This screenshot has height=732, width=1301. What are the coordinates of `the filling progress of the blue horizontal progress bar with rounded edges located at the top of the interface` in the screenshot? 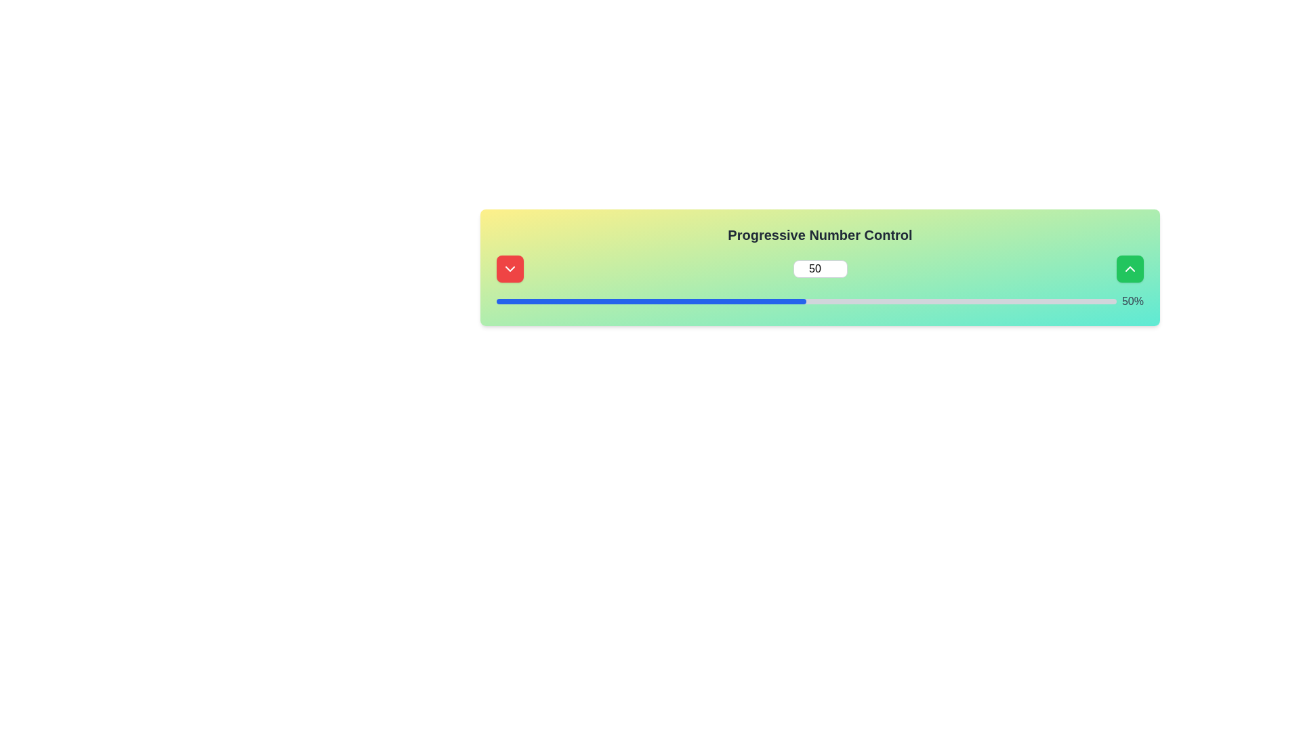 It's located at (651, 300).